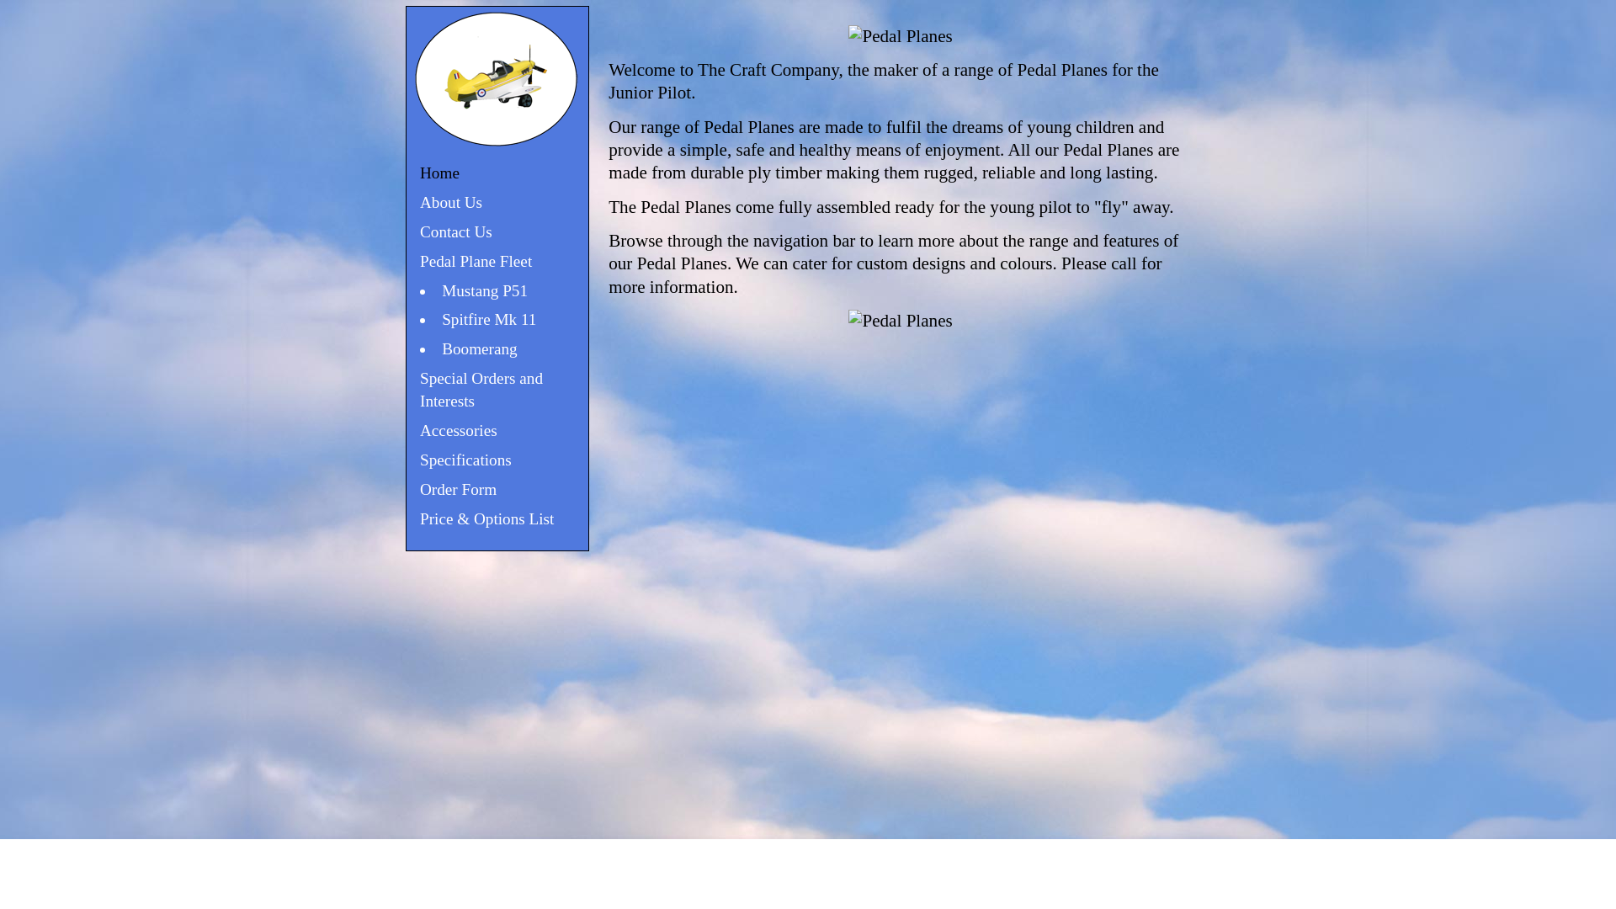 Image resolution: width=1616 pixels, height=909 pixels. Describe the element at coordinates (459, 429) in the screenshot. I see `'Accessories'` at that location.